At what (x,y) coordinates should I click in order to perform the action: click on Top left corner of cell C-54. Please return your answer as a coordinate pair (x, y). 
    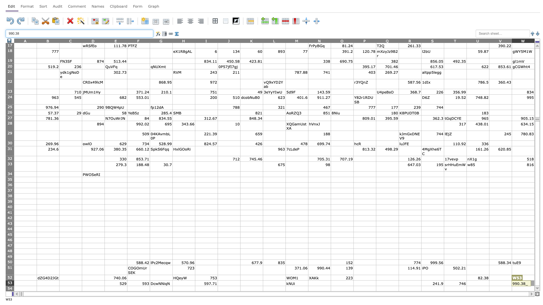
    Looking at the image, I should click on (59, 286).